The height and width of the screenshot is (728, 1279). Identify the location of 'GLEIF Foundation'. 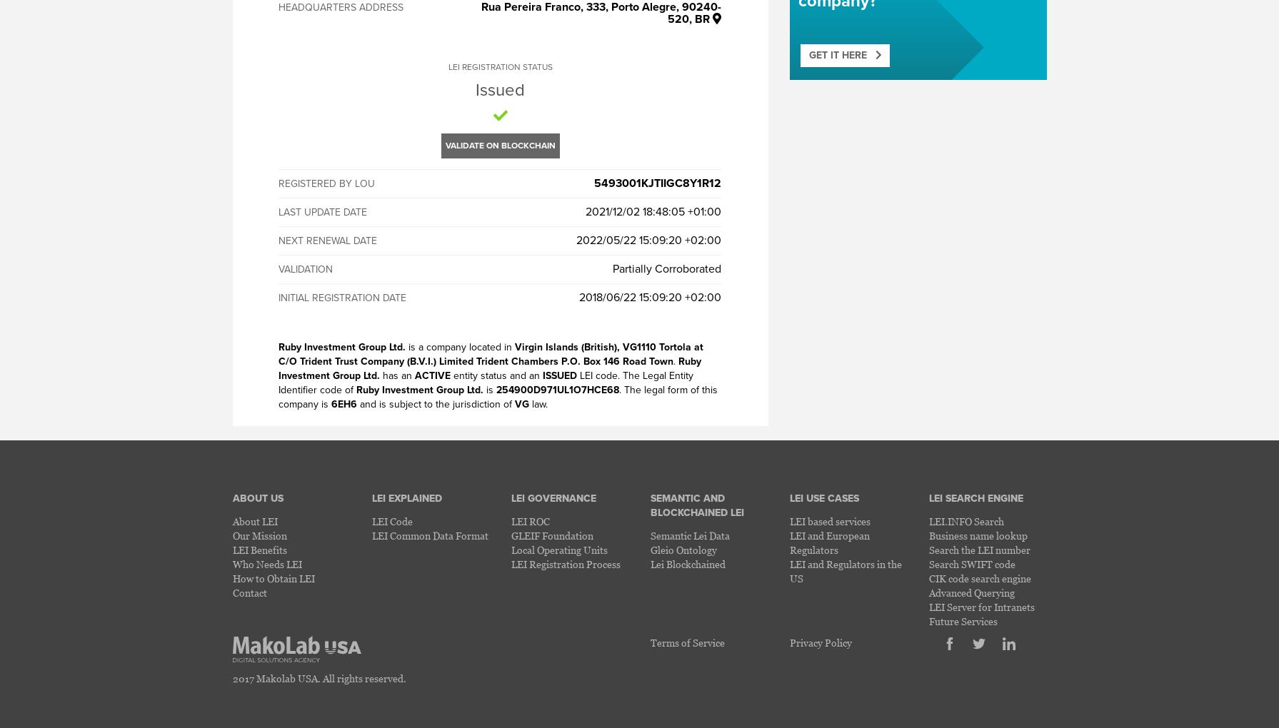
(551, 535).